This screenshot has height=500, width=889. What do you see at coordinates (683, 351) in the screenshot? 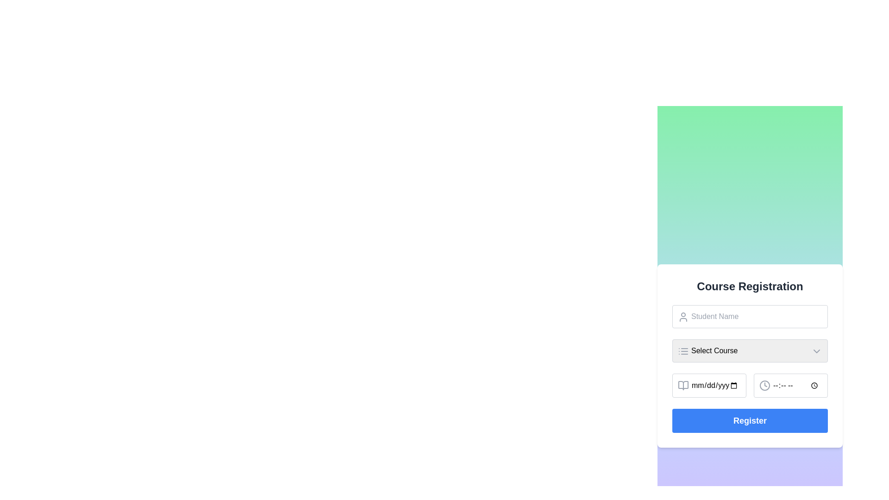
I see `the compact icon styled as three horizontal lines stacked vertically, located on the left side of the 'Select Course' dropdown within the 'Course Registration' form` at bounding box center [683, 351].